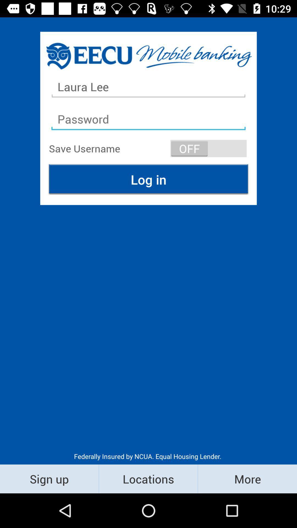 Image resolution: width=297 pixels, height=528 pixels. What do you see at coordinates (208, 148) in the screenshot?
I see `the item above log in` at bounding box center [208, 148].